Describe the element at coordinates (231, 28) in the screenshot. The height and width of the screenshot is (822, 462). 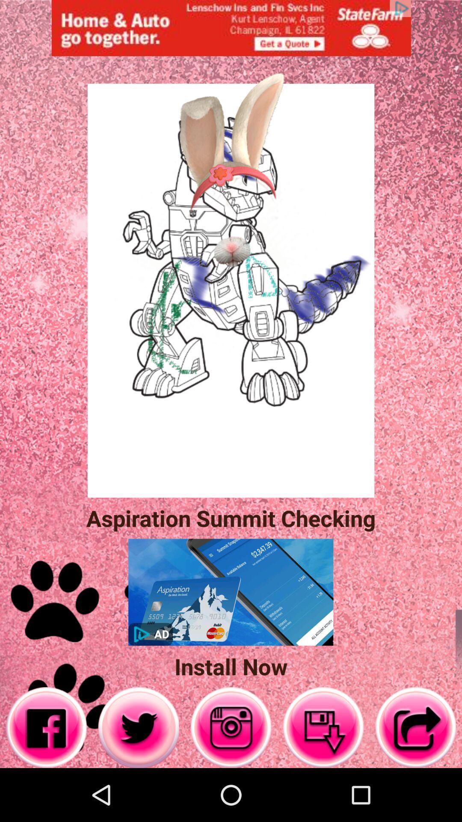
I see `advertisement page` at that location.